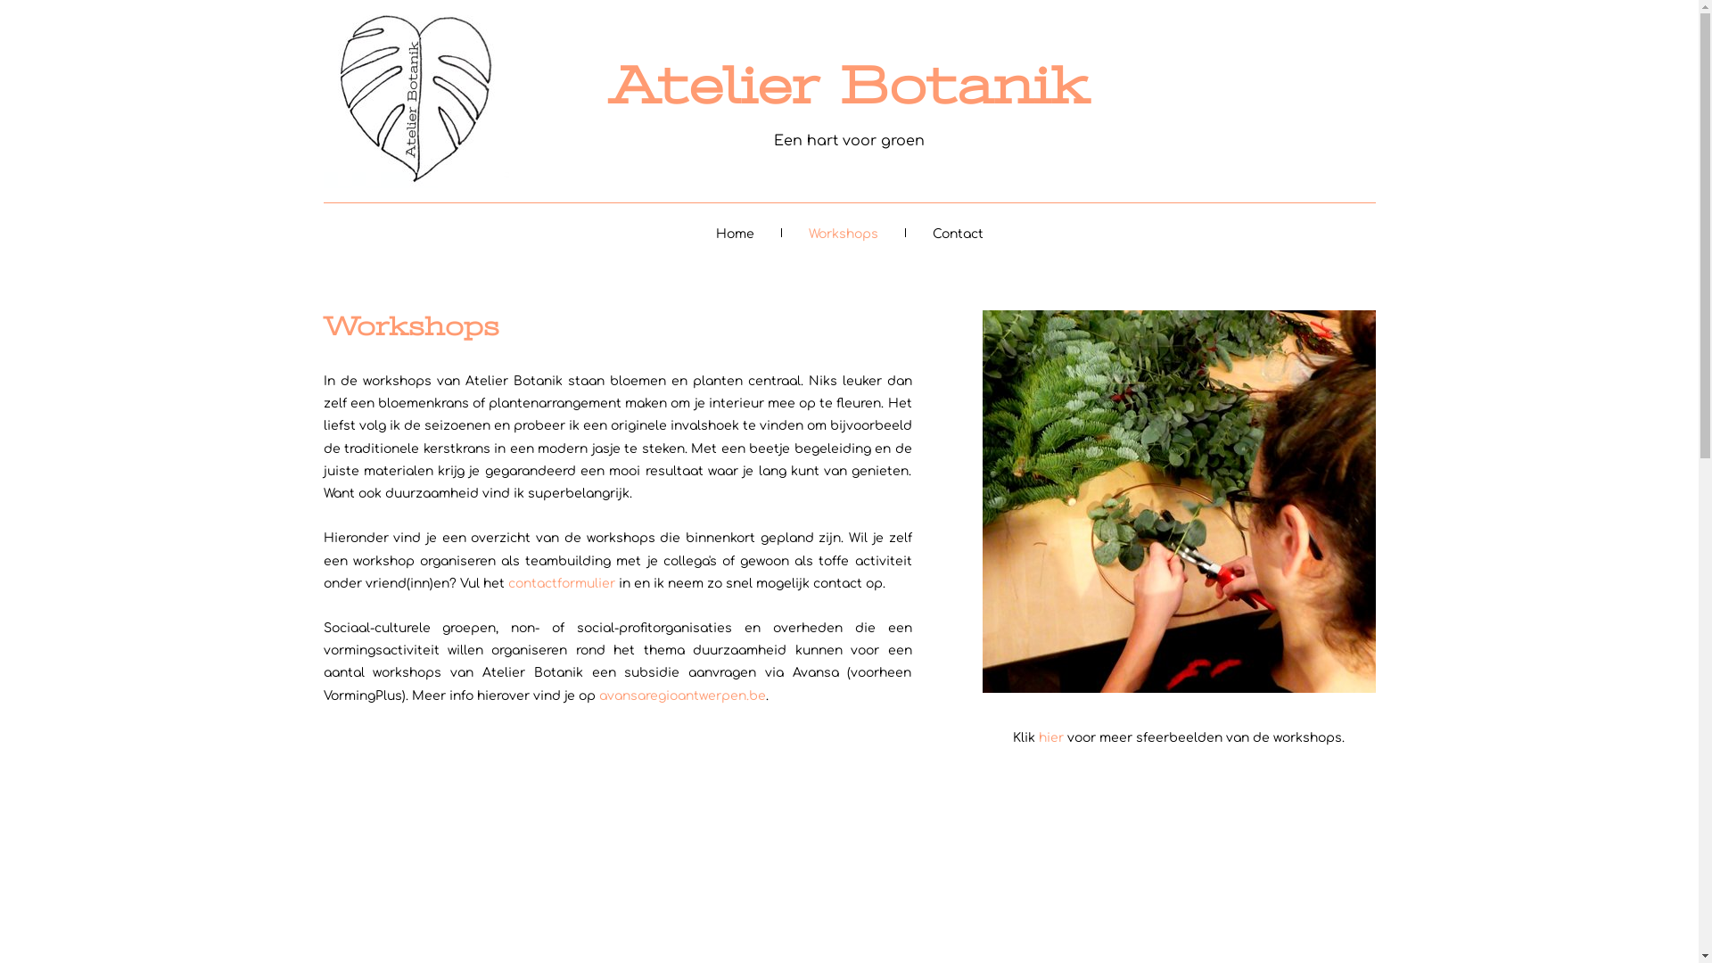 The width and height of the screenshot is (1712, 963). Describe the element at coordinates (734, 232) in the screenshot. I see `'Home'` at that location.